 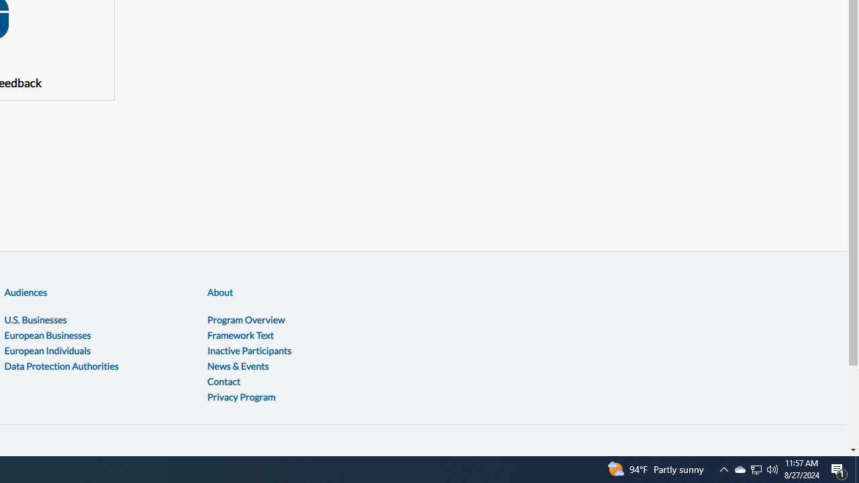 What do you see at coordinates (36, 319) in the screenshot?
I see `'U.S. Businesses'` at bounding box center [36, 319].